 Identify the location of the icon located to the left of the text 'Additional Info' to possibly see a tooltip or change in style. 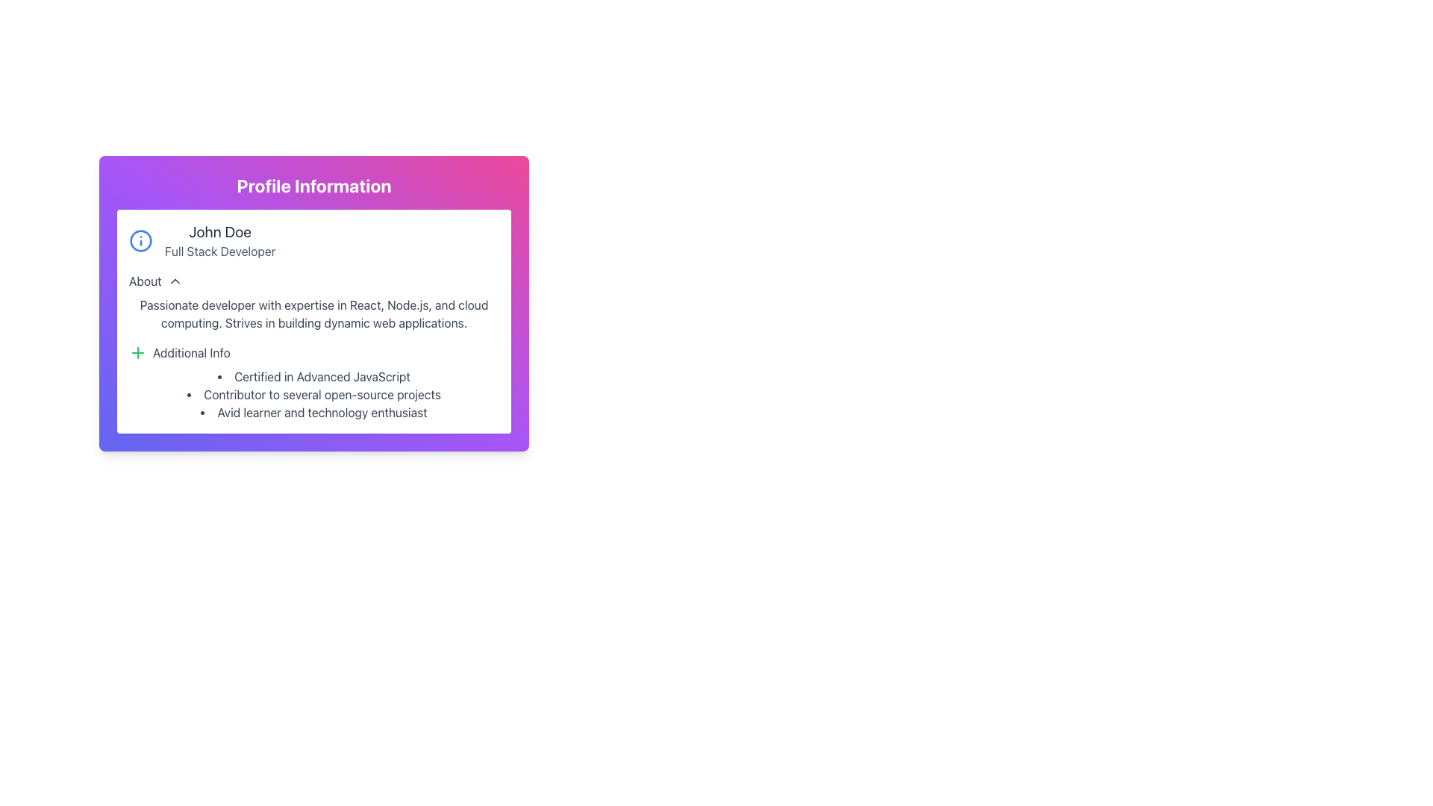
(138, 353).